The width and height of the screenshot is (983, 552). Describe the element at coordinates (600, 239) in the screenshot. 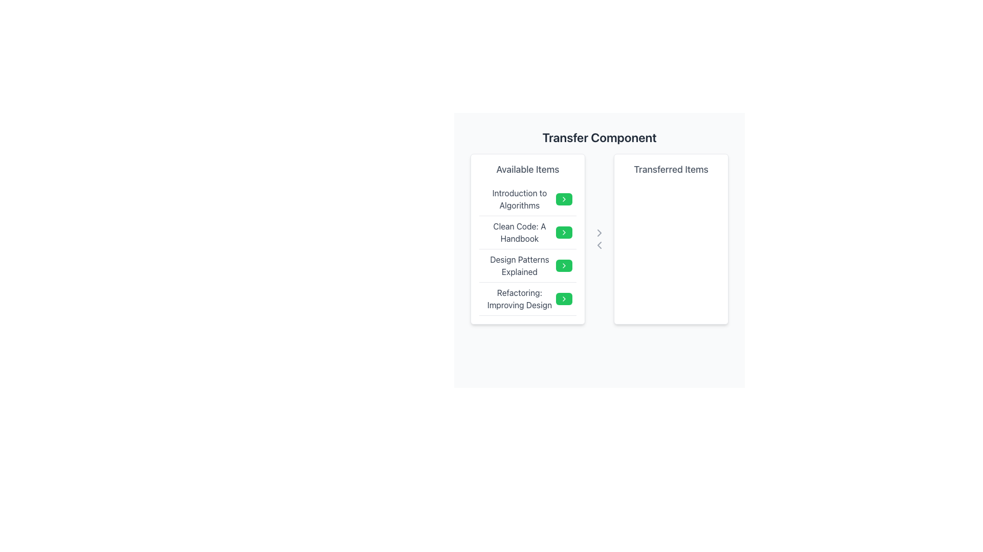

I see `the bottom arrow in the button cluster to transfer an item from the 'Transferred Items' section to the 'Available Items' section` at that location.